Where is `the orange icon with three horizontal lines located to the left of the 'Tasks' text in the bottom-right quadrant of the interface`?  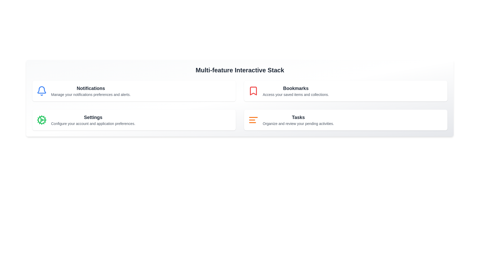 the orange icon with three horizontal lines located to the left of the 'Tasks' text in the bottom-right quadrant of the interface is located at coordinates (253, 120).